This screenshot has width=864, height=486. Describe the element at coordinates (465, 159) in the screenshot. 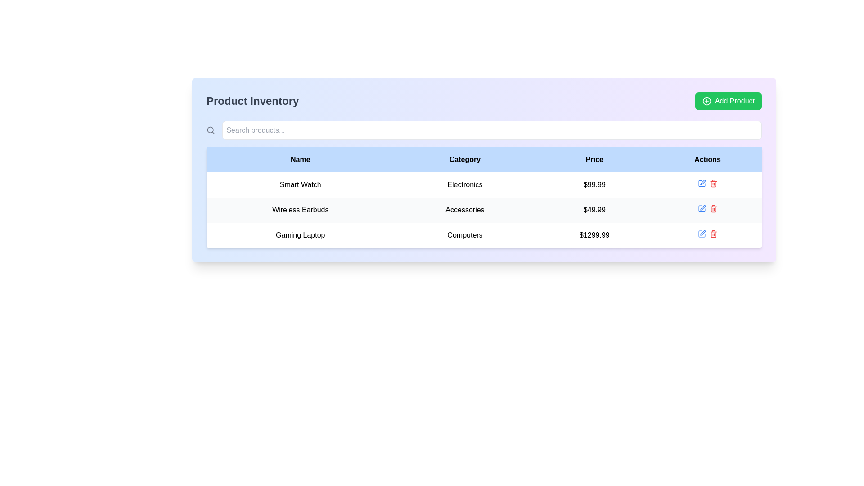

I see `the 'Category' static text label, which displays in bold black text on a light blue background, positioned between the 'Name' and 'Price' labels` at that location.